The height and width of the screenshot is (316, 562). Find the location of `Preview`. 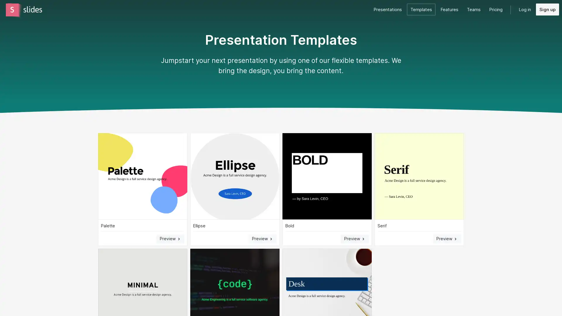

Preview is located at coordinates (446, 238).